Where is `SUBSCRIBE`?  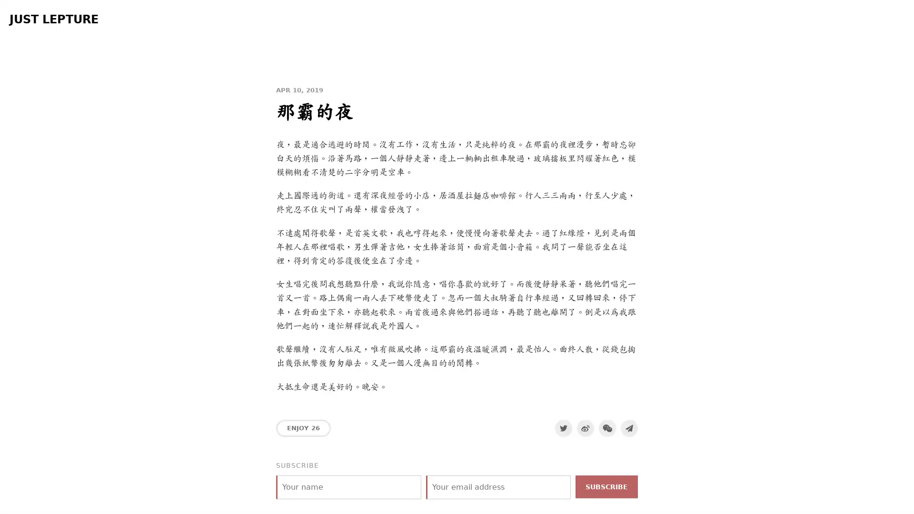
SUBSCRIBE is located at coordinates (606, 486).